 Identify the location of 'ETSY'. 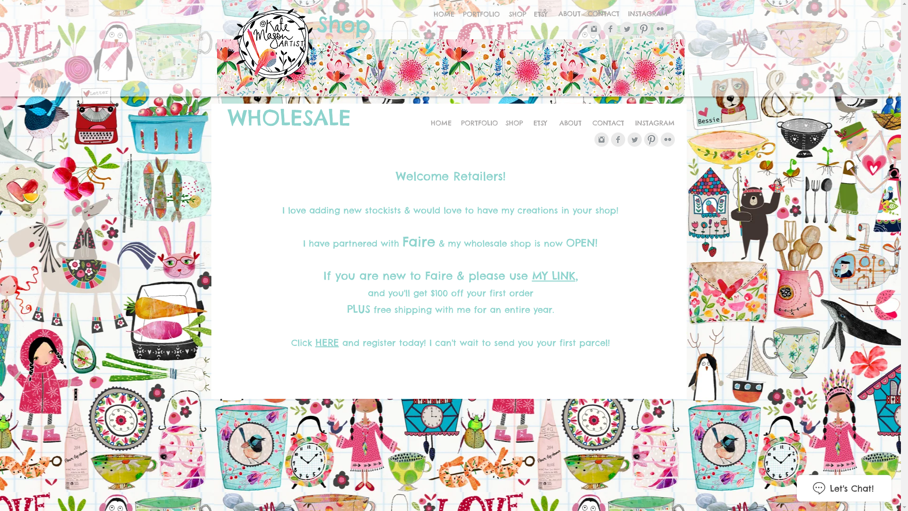
(541, 14).